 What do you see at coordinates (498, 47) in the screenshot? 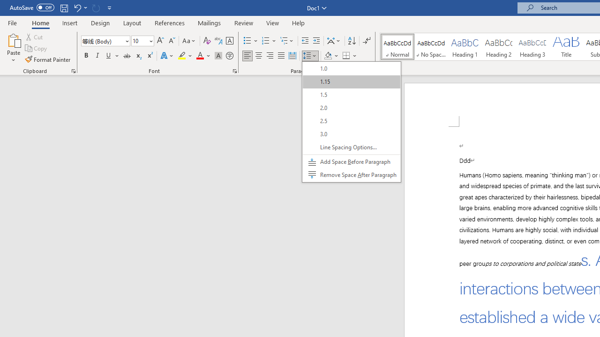
I see `'Heading 2'` at bounding box center [498, 47].